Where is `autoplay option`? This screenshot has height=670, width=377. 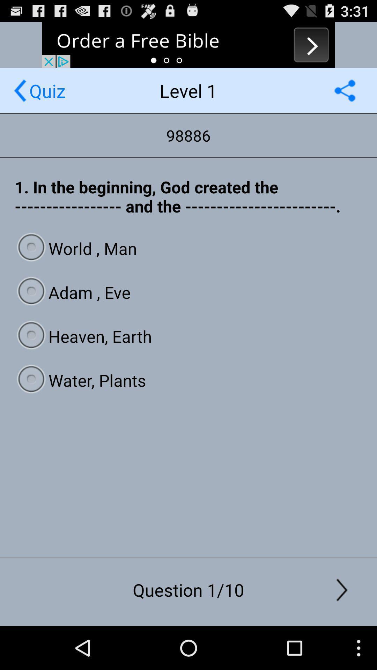
autoplay option is located at coordinates (345, 90).